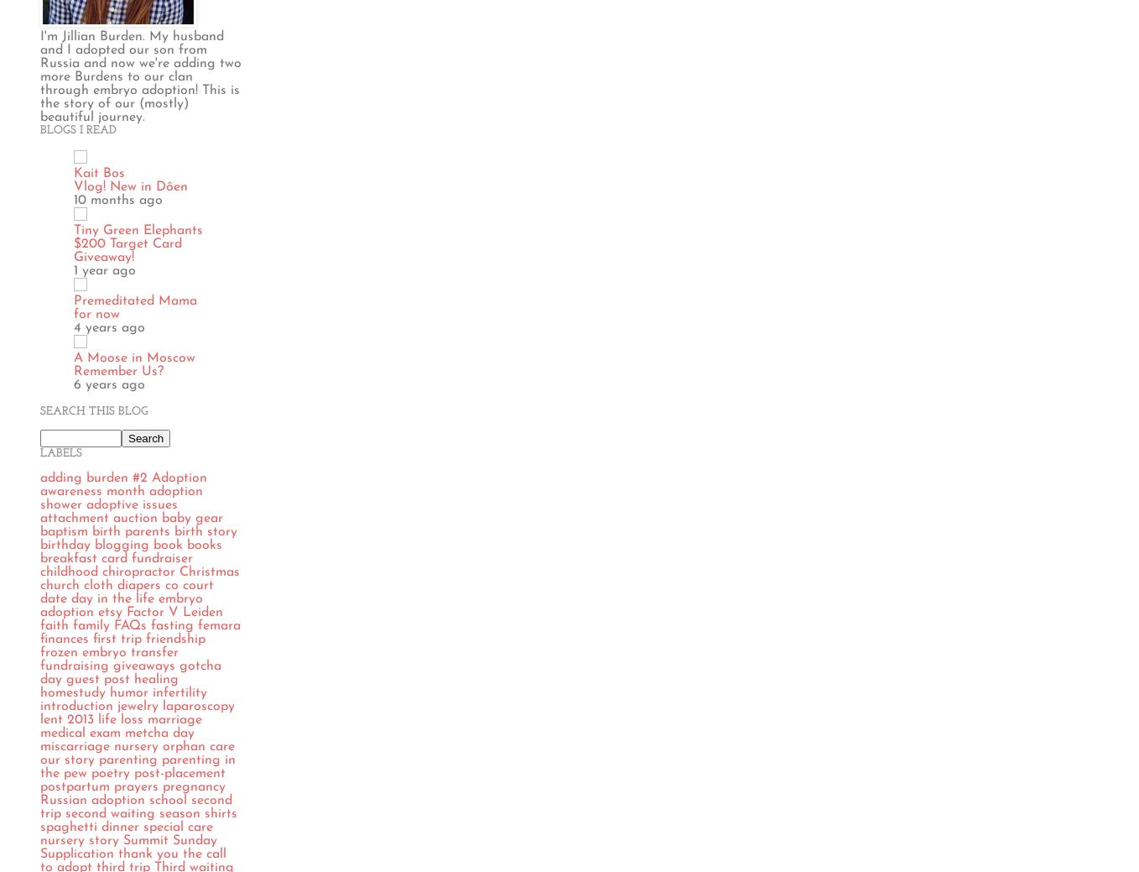 The image size is (1139, 872). What do you see at coordinates (91, 799) in the screenshot?
I see `'Russian adoption'` at bounding box center [91, 799].